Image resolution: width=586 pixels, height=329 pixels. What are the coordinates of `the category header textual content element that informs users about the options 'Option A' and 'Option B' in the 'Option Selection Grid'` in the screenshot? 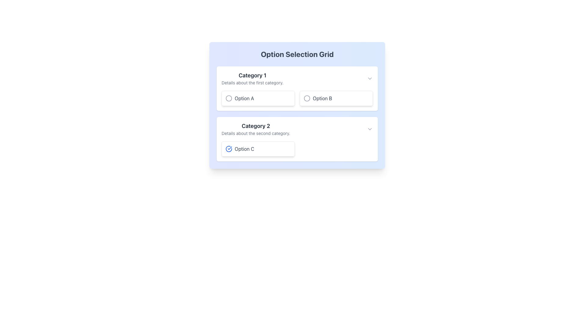 It's located at (252, 78).